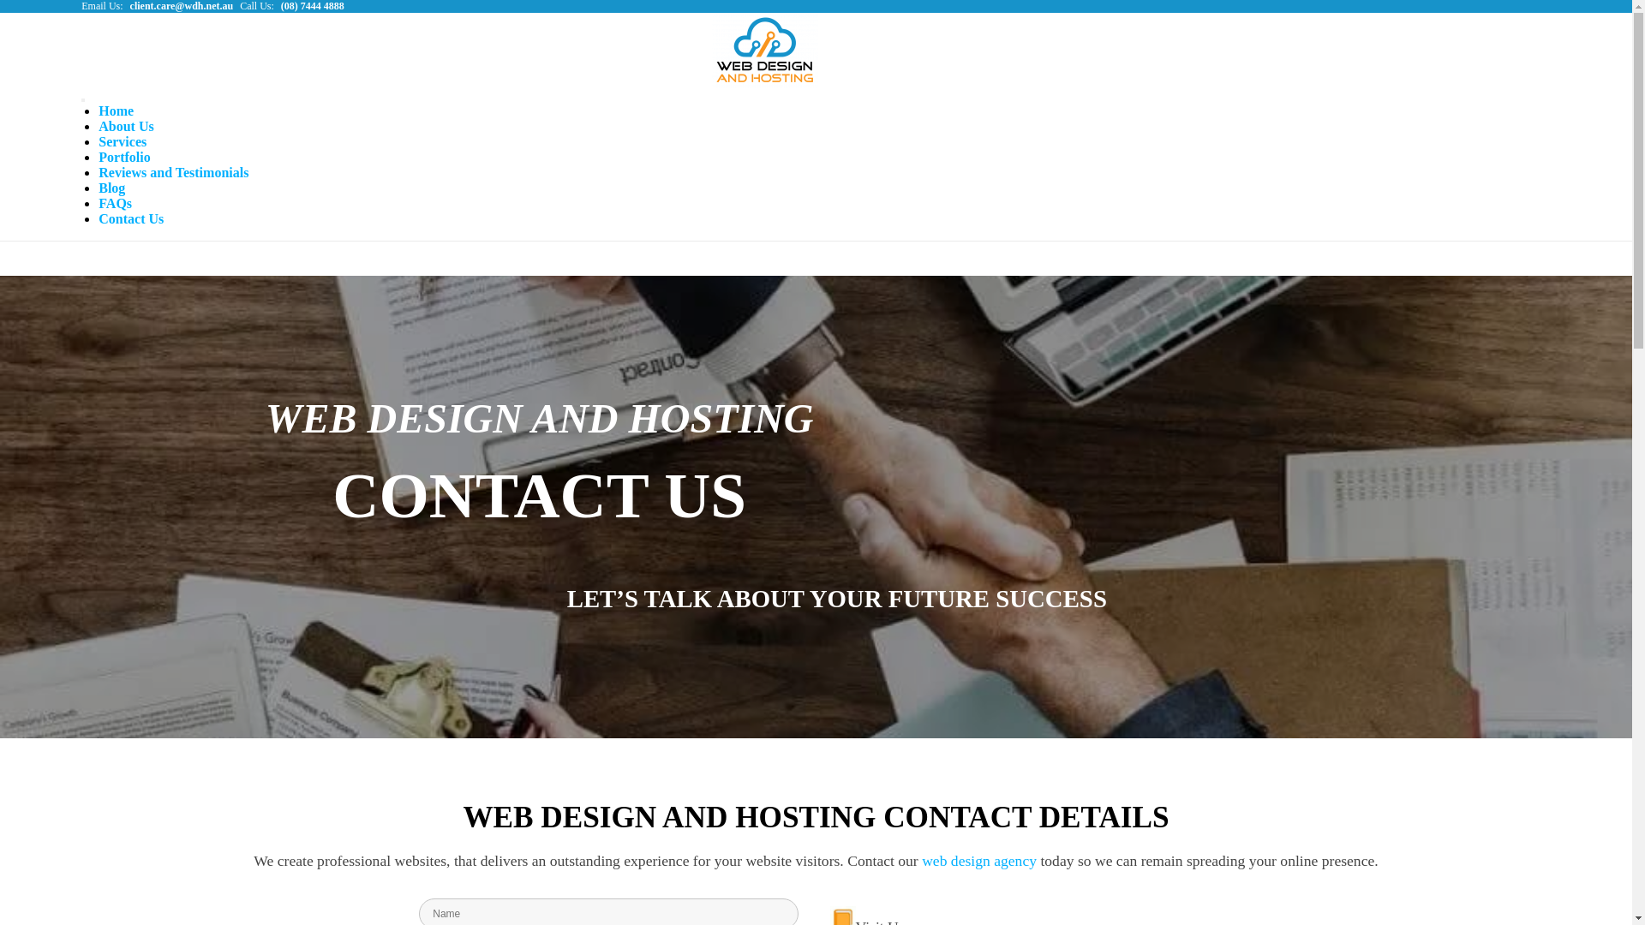 This screenshot has height=925, width=1645. I want to click on 'client.care@wdh.net.au', so click(182, 6).